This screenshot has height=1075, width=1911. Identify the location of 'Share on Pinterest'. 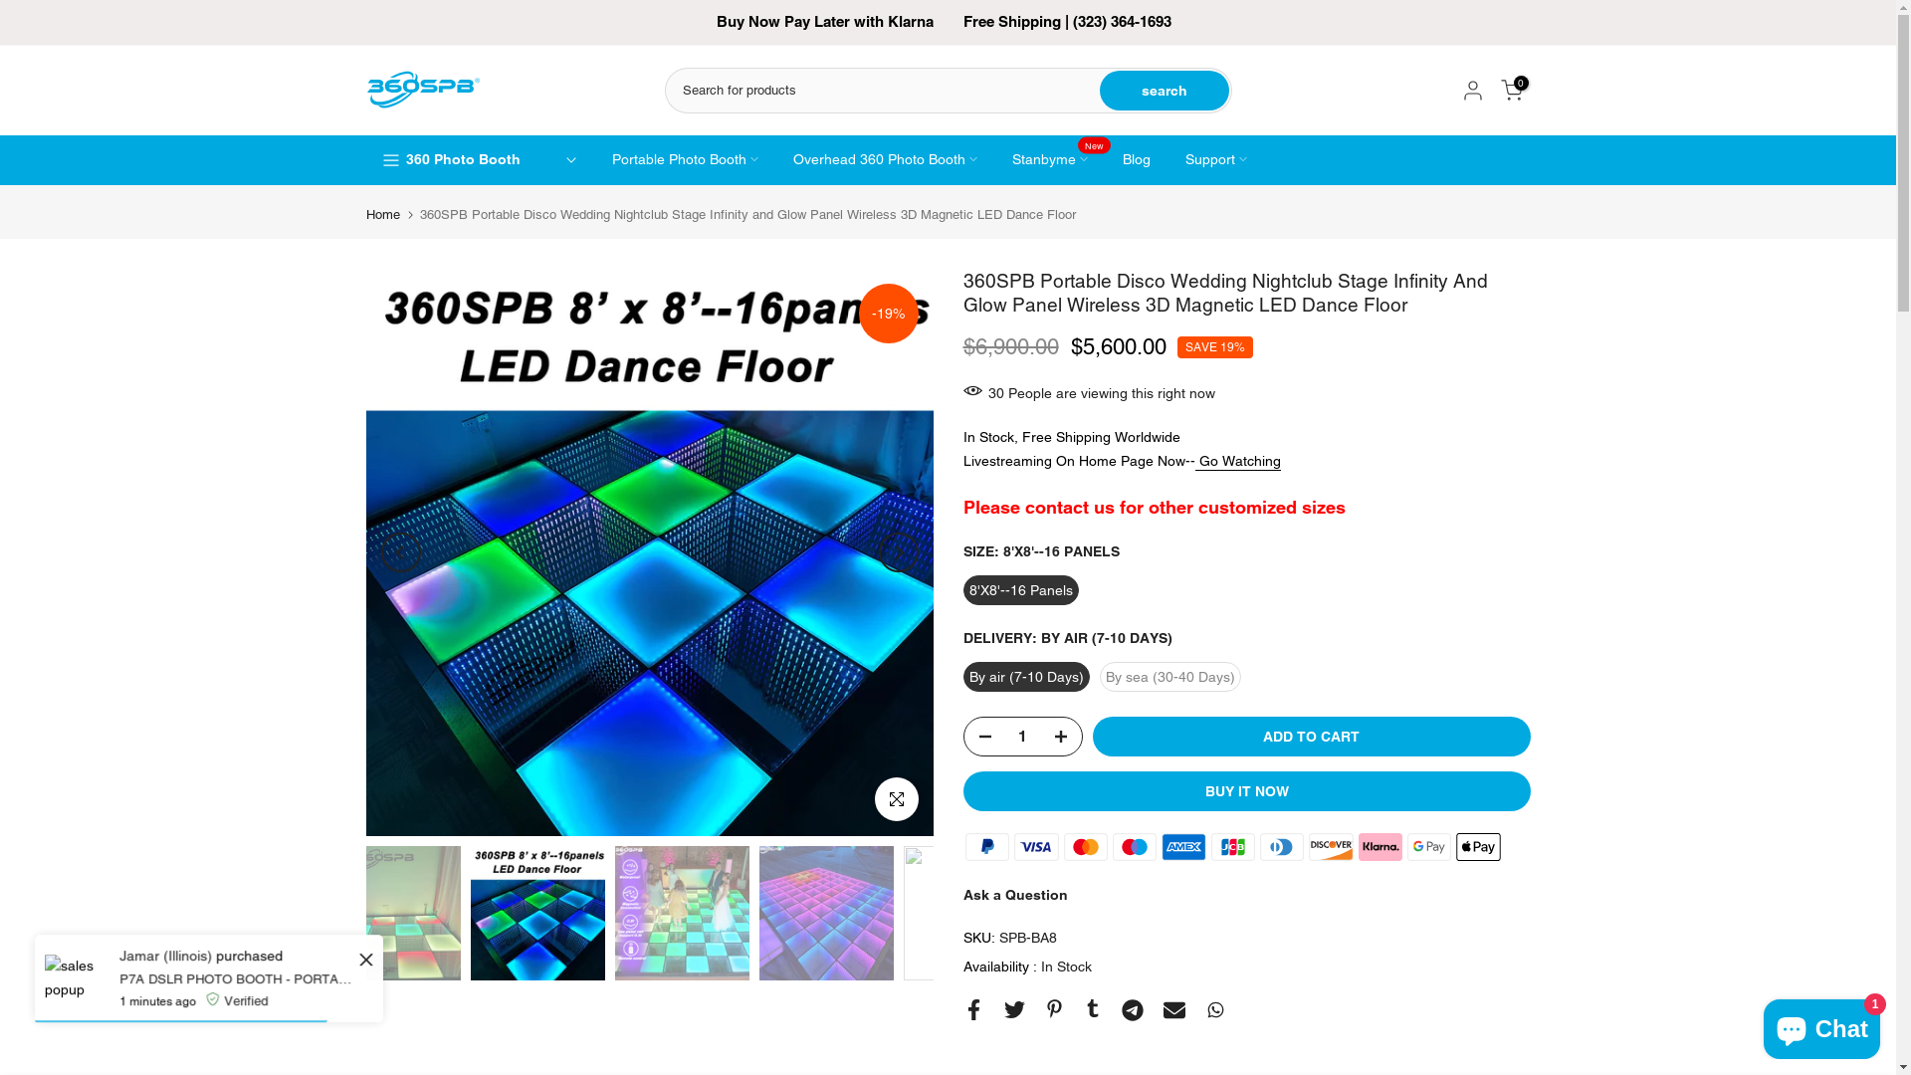
(1053, 1008).